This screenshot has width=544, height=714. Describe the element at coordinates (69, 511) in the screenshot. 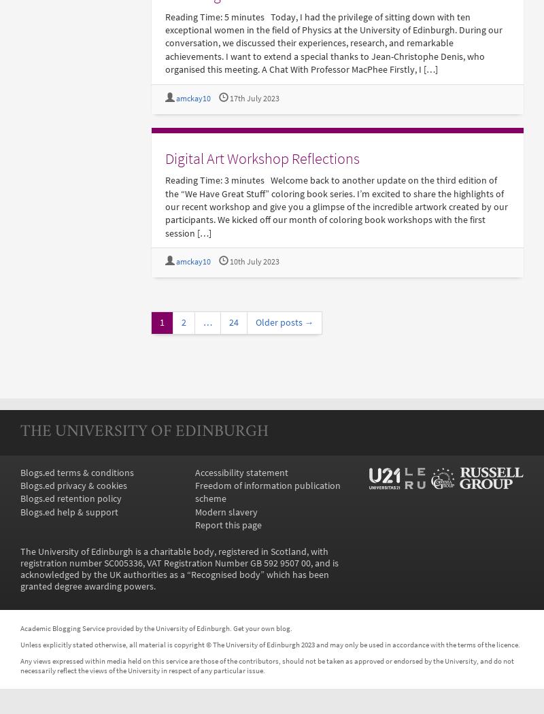

I see `'Blogs.ed help & support'` at that location.